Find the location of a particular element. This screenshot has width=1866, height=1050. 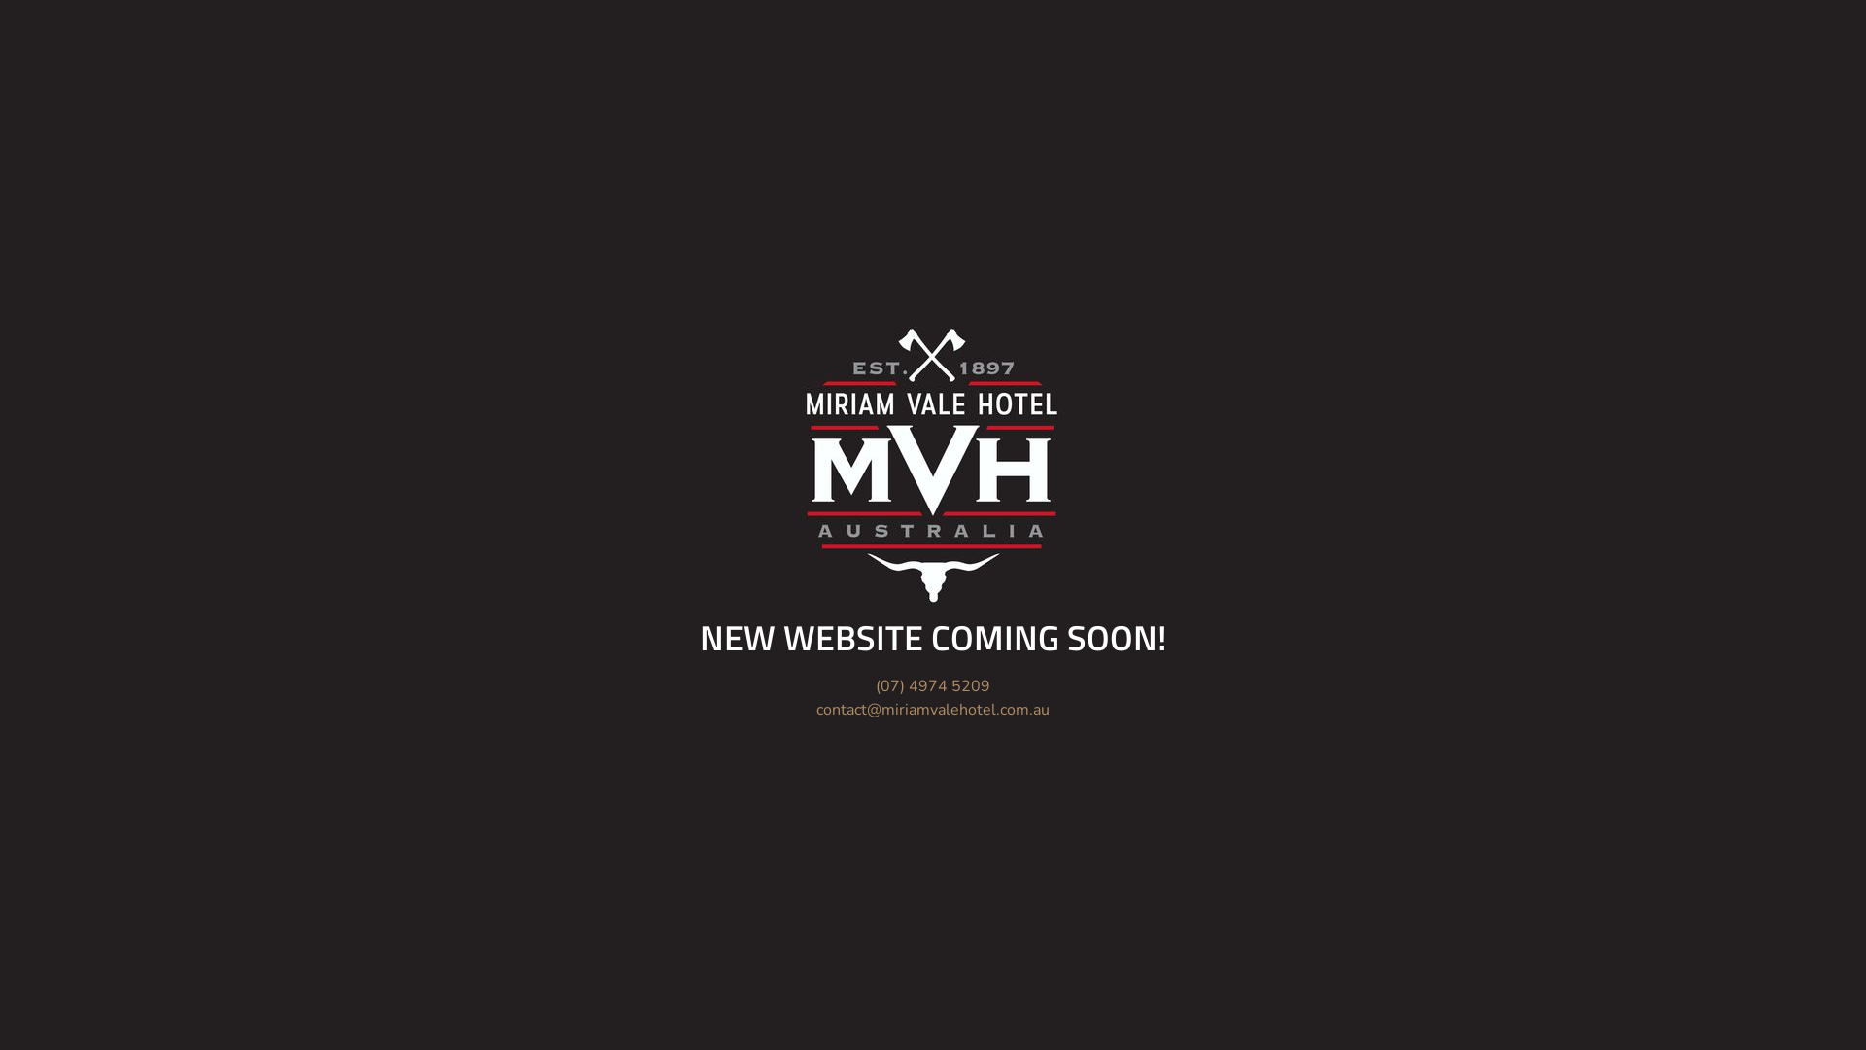

'contact@miriamvalehotel.com.au' is located at coordinates (933, 709).